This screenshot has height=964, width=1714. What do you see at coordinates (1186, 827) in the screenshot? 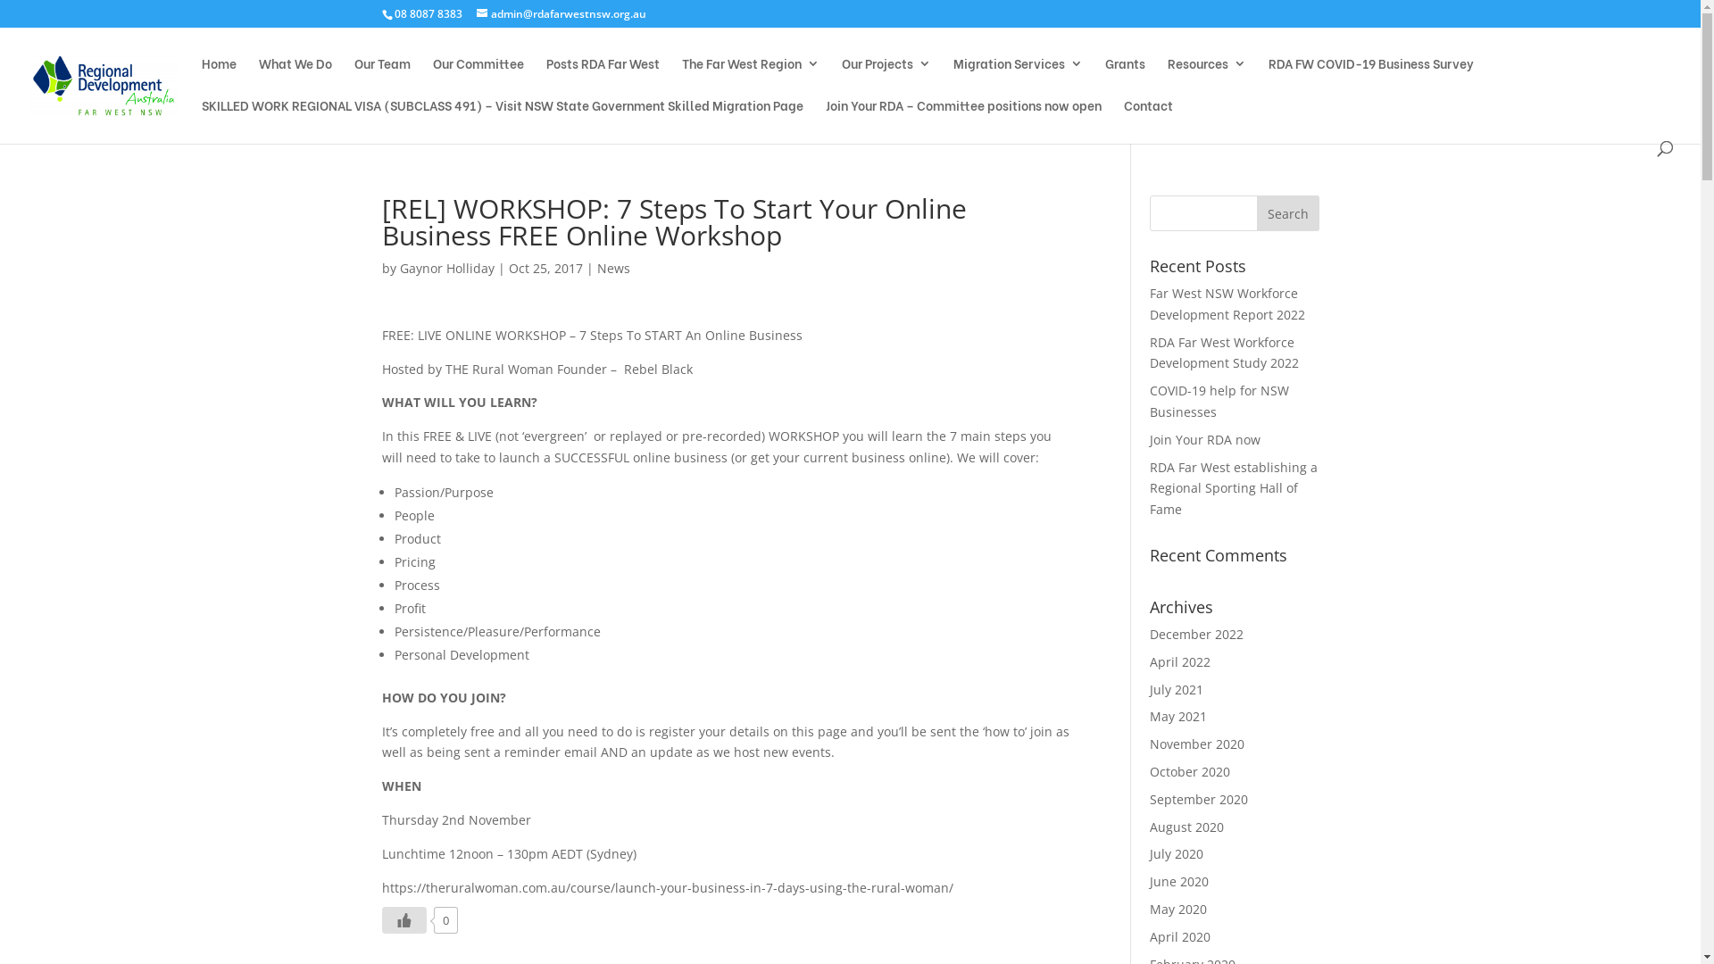
I see `'August 2020'` at bounding box center [1186, 827].